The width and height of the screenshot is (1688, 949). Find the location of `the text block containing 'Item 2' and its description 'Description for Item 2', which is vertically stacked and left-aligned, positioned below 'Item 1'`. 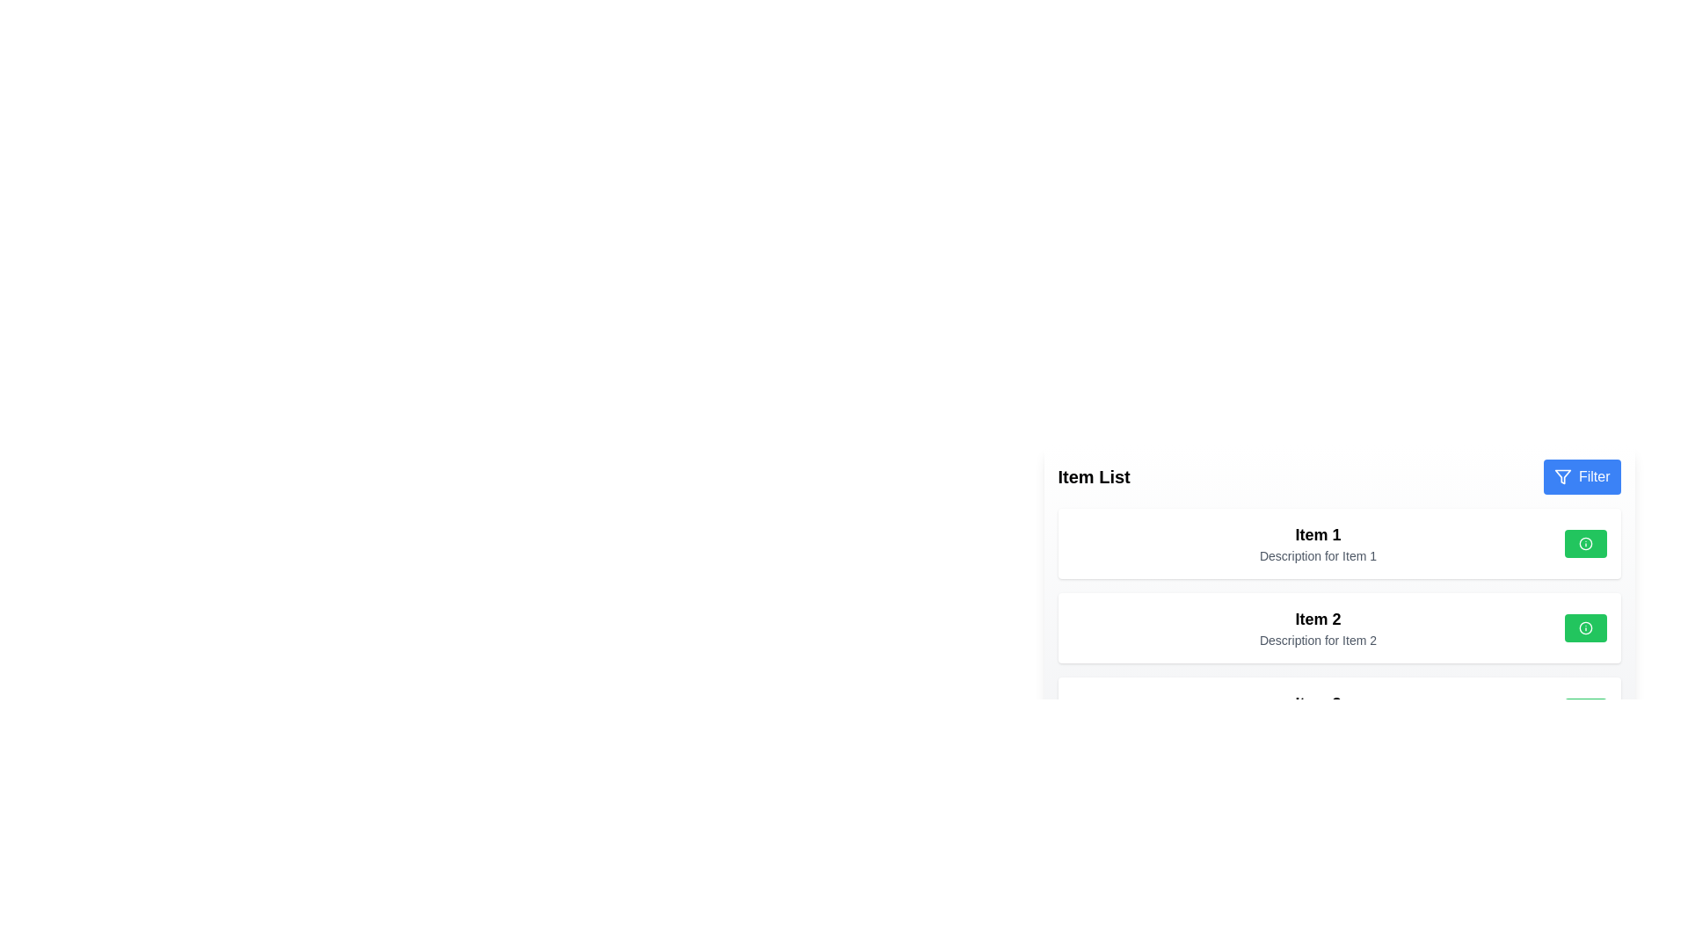

the text block containing 'Item 2' and its description 'Description for Item 2', which is vertically stacked and left-aligned, positioned below 'Item 1' is located at coordinates (1318, 627).